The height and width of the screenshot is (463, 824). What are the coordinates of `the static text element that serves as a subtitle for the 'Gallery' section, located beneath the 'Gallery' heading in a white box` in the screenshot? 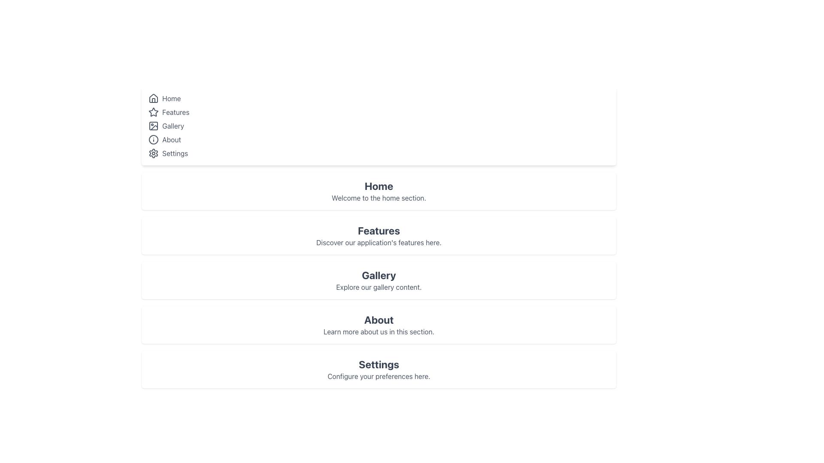 It's located at (379, 287).